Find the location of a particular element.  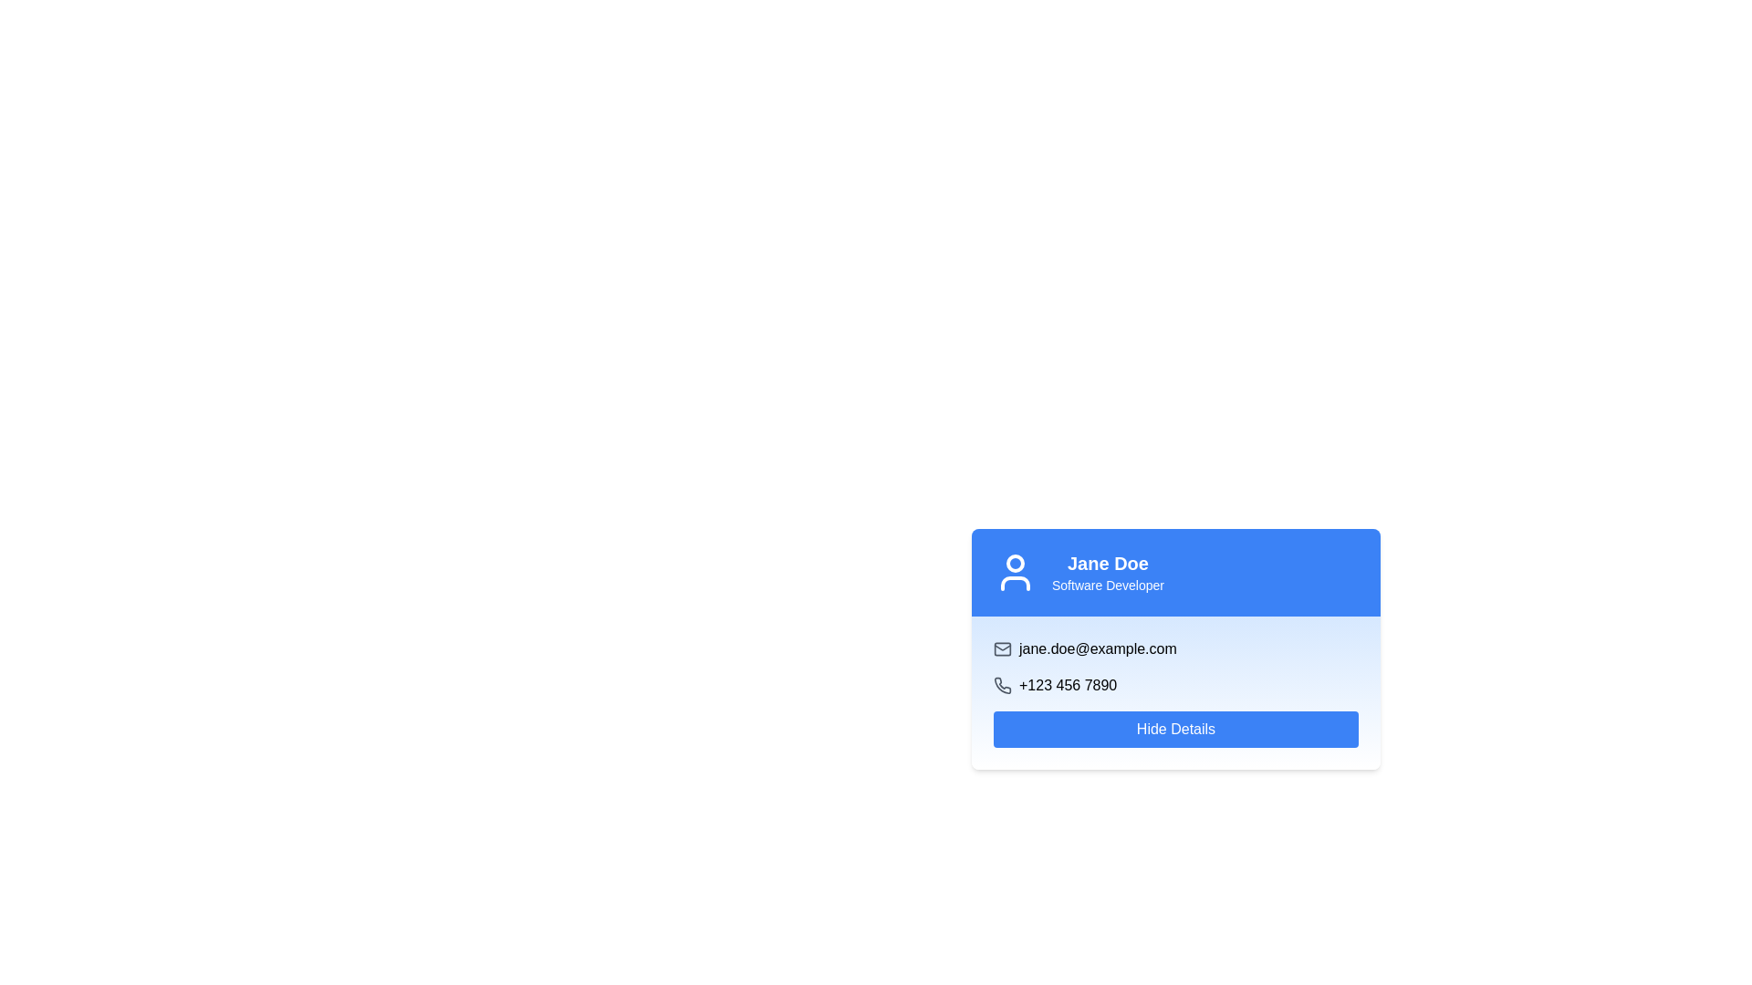

the text label displaying the name 'Jane Doe' in the upper segment of the blue section of the user profile card is located at coordinates (1107, 562).